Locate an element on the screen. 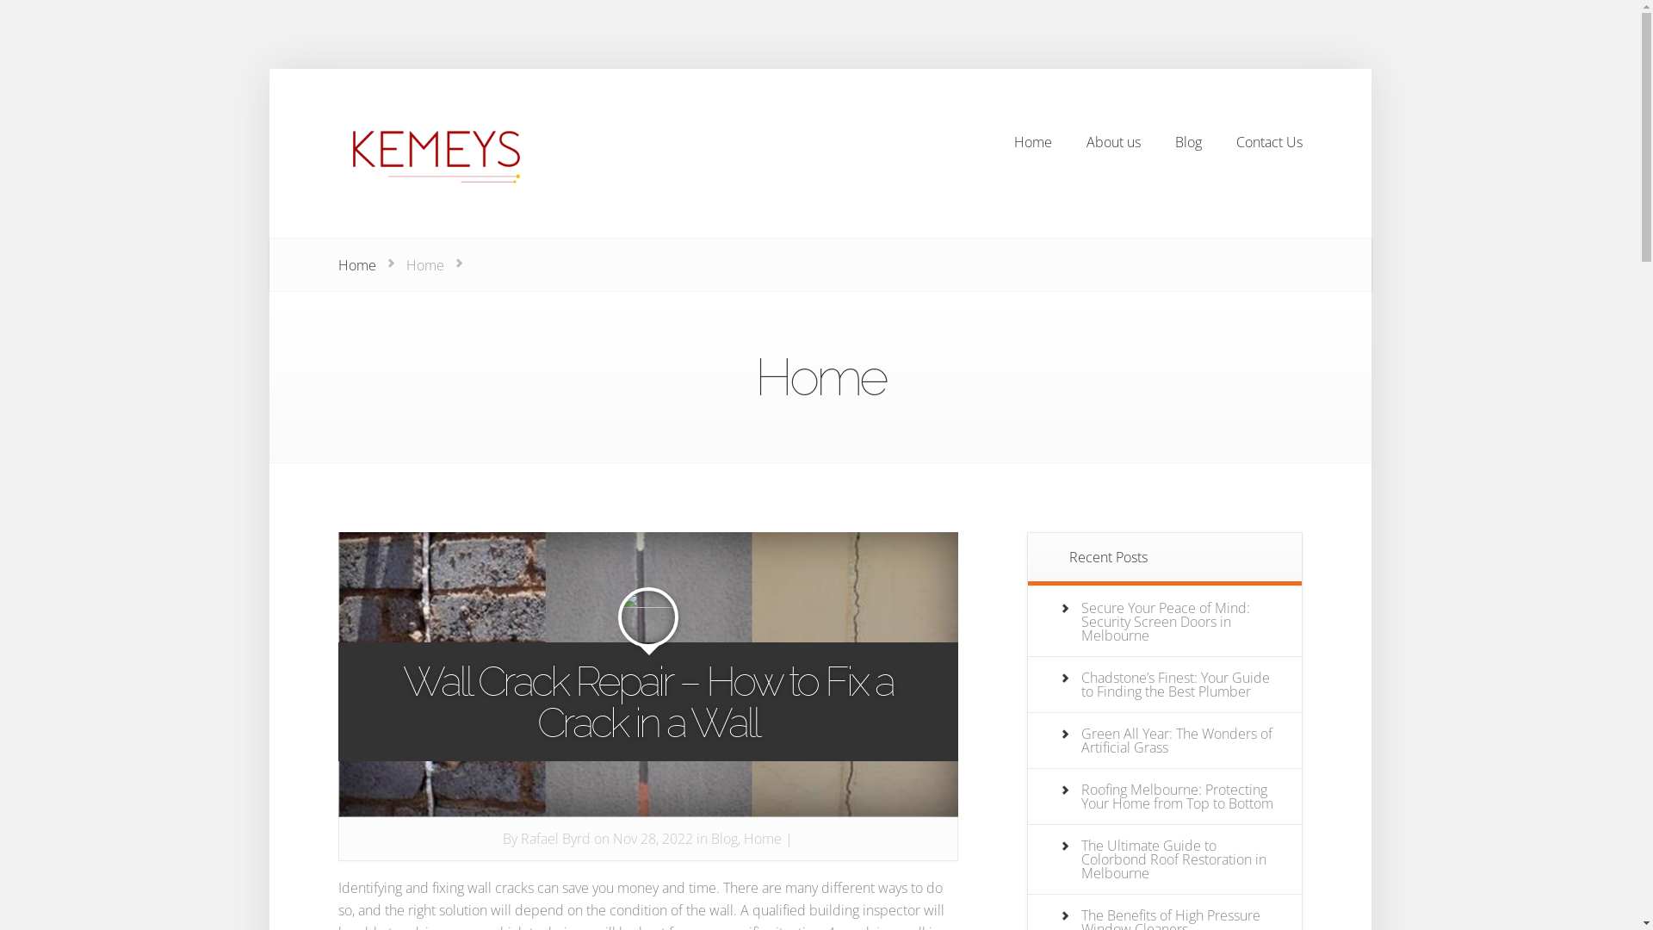 The height and width of the screenshot is (930, 1653). 'Green All Year: The Wonders of Artificial Grass' is located at coordinates (1080, 740).